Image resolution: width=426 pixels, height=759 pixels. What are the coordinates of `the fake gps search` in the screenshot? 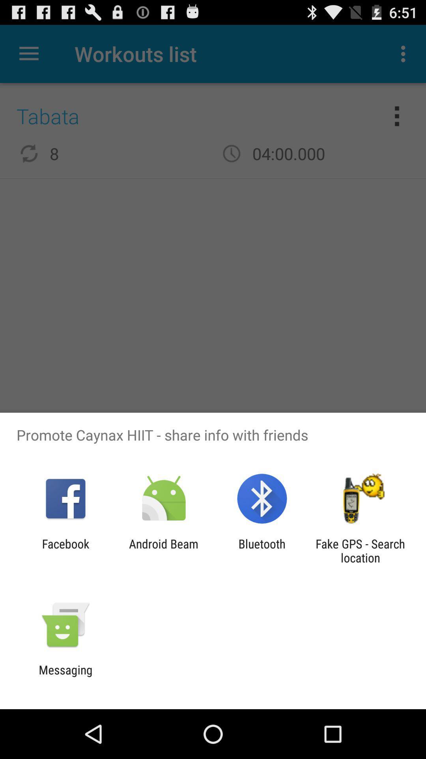 It's located at (360, 550).